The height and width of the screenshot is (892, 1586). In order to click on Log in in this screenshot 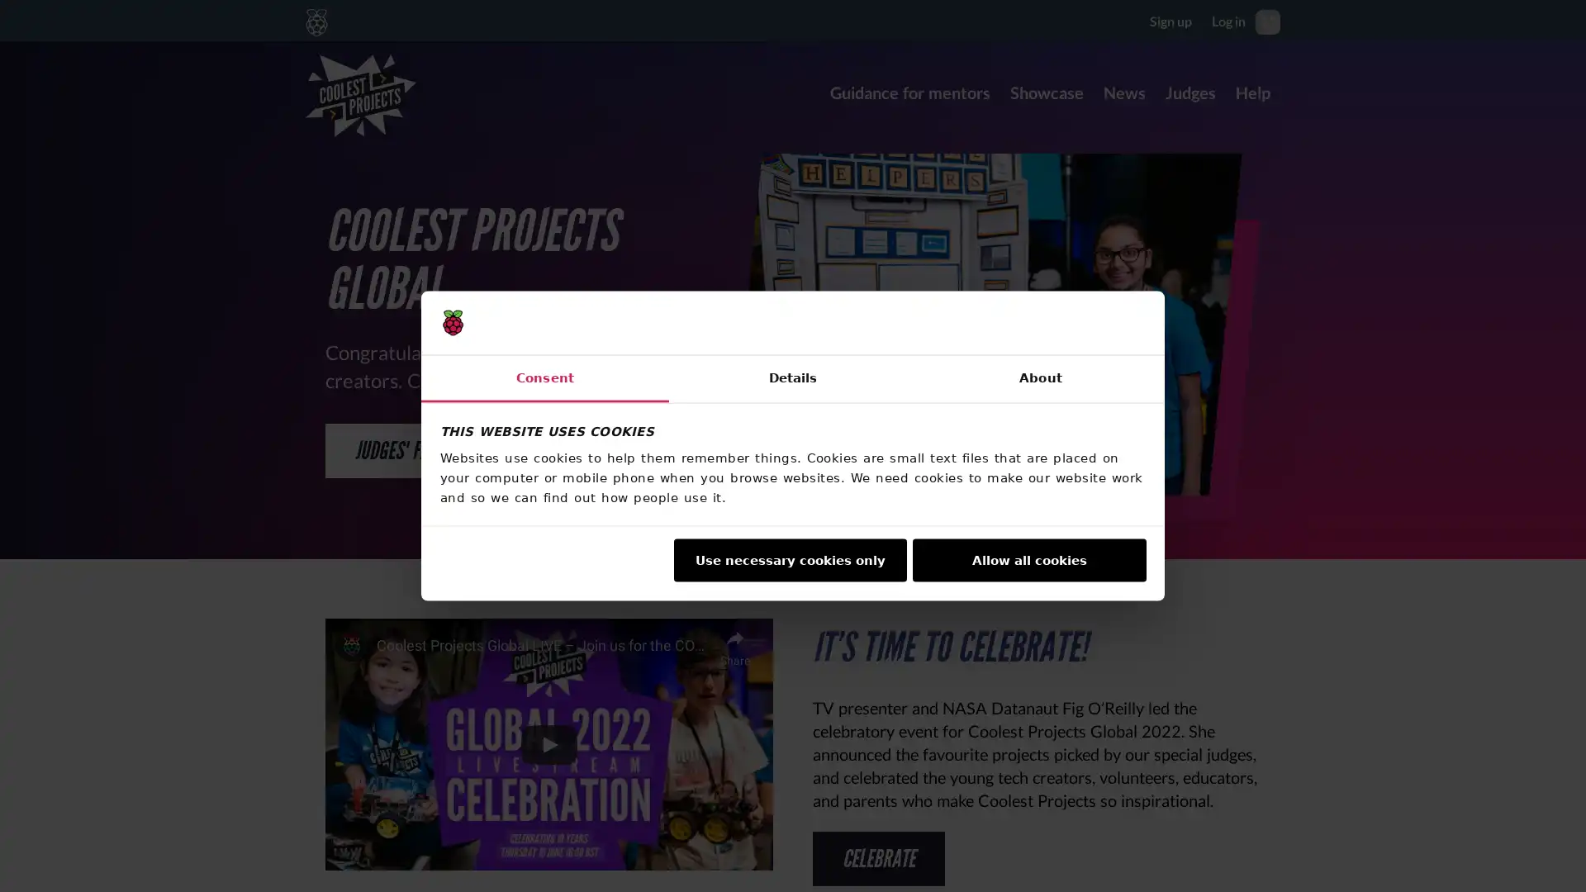, I will do `click(1228, 20)`.